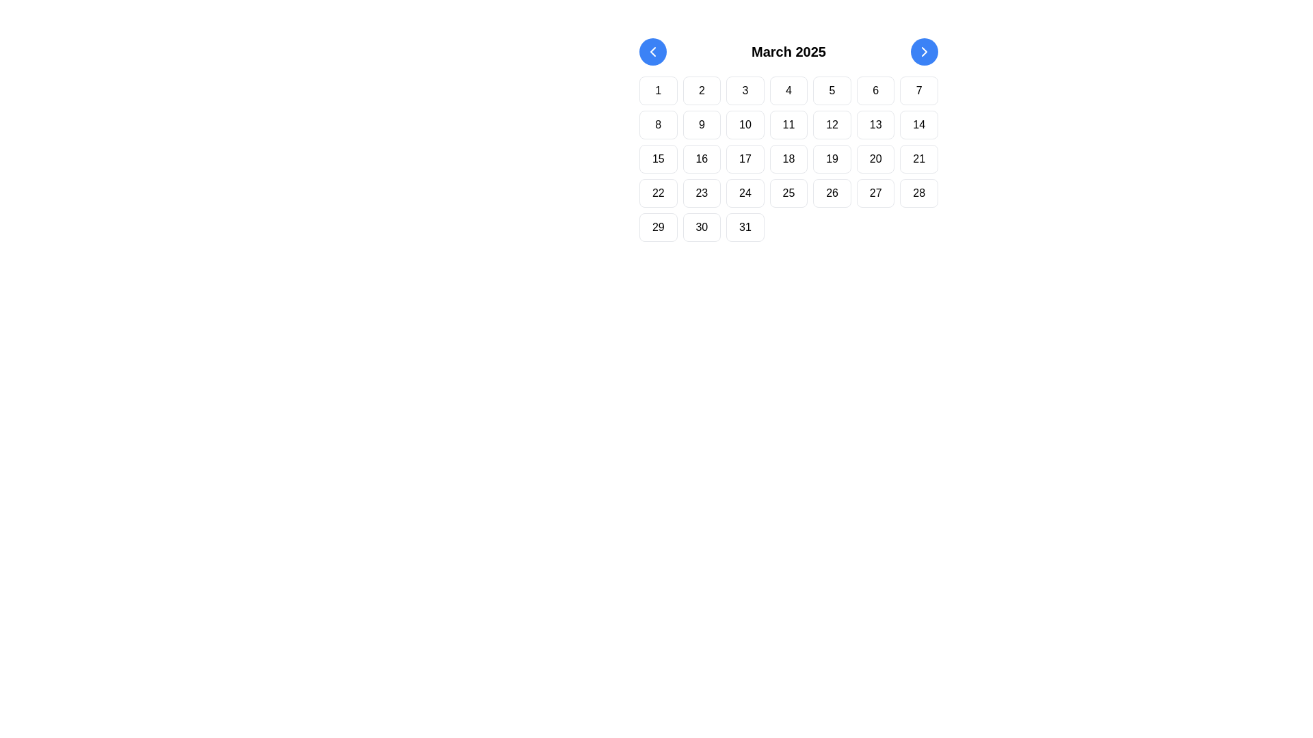  What do you see at coordinates (788, 51) in the screenshot?
I see `the non-interactive text label displaying the current month and year in the calendar view, located at the center of the interface` at bounding box center [788, 51].